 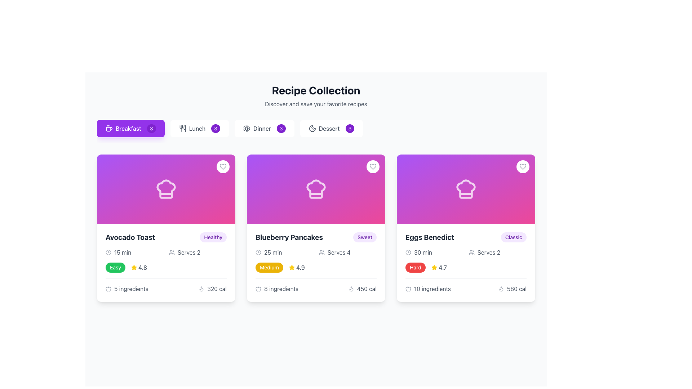 What do you see at coordinates (134, 267) in the screenshot?
I see `the yellow star icon representing the rating component for the 'Avocado Toast' recipe, located next to the numeric rating (4.8) and to the right of the green 'Easy' label` at bounding box center [134, 267].